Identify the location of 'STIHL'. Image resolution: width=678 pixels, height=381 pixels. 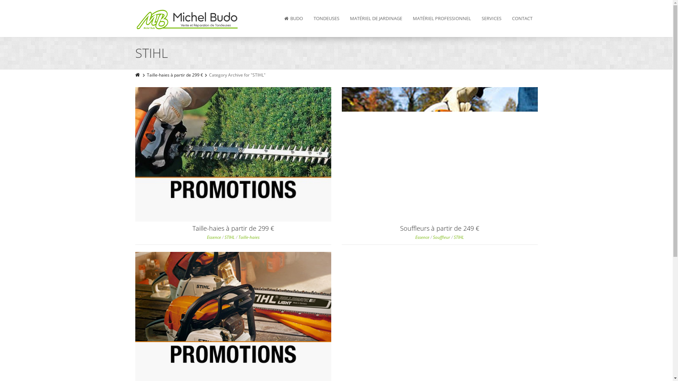
(459, 237).